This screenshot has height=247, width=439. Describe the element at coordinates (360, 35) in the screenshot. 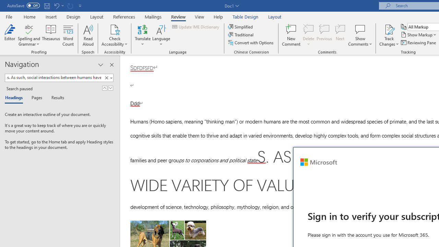

I see `'Show Comments'` at that location.